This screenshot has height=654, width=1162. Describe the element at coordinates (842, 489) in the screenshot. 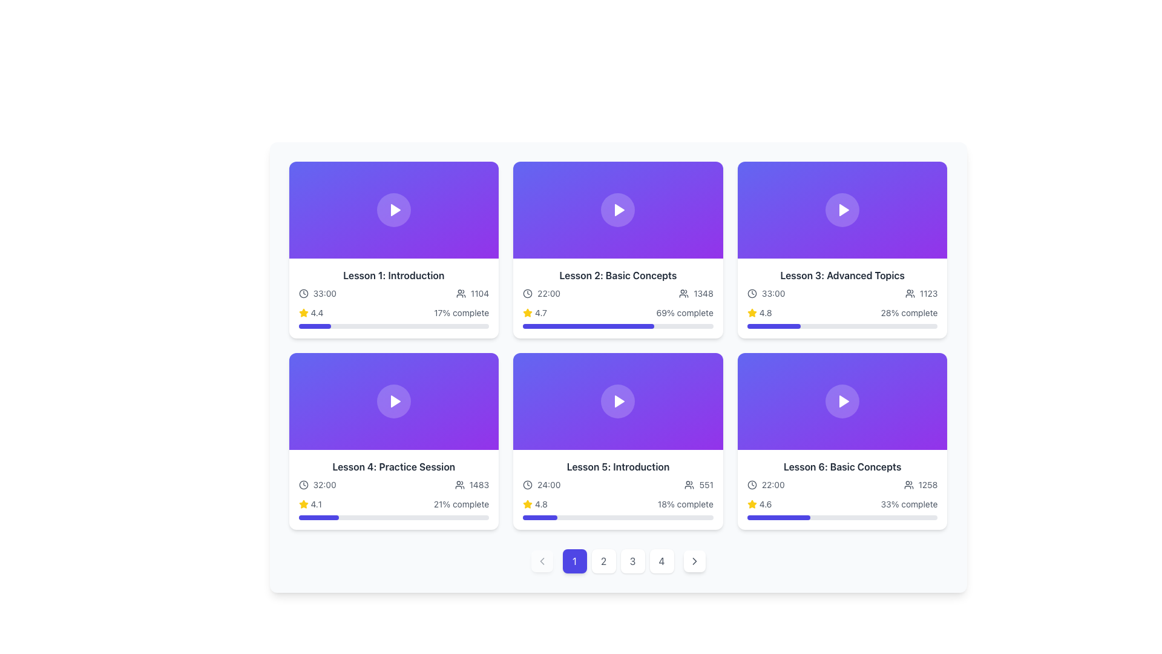

I see `the Information card located in the bottom-right corner of the grid layout` at that location.